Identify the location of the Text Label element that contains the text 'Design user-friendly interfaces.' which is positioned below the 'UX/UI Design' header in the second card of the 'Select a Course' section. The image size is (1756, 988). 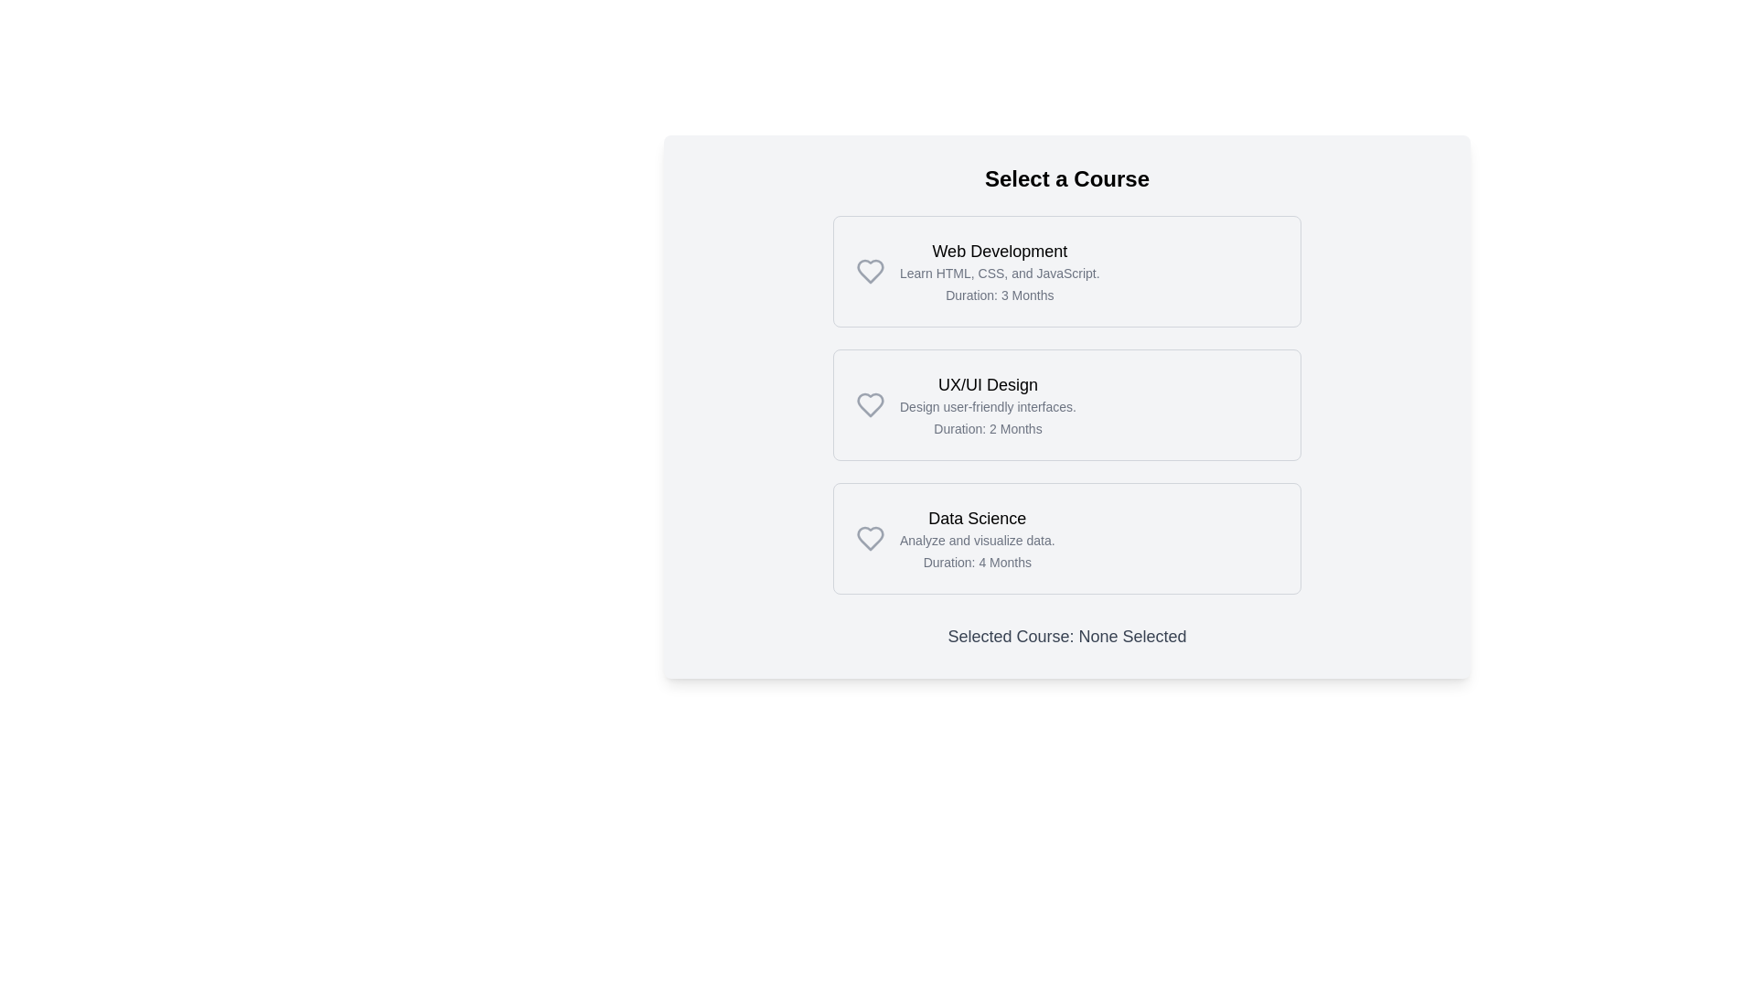
(987, 405).